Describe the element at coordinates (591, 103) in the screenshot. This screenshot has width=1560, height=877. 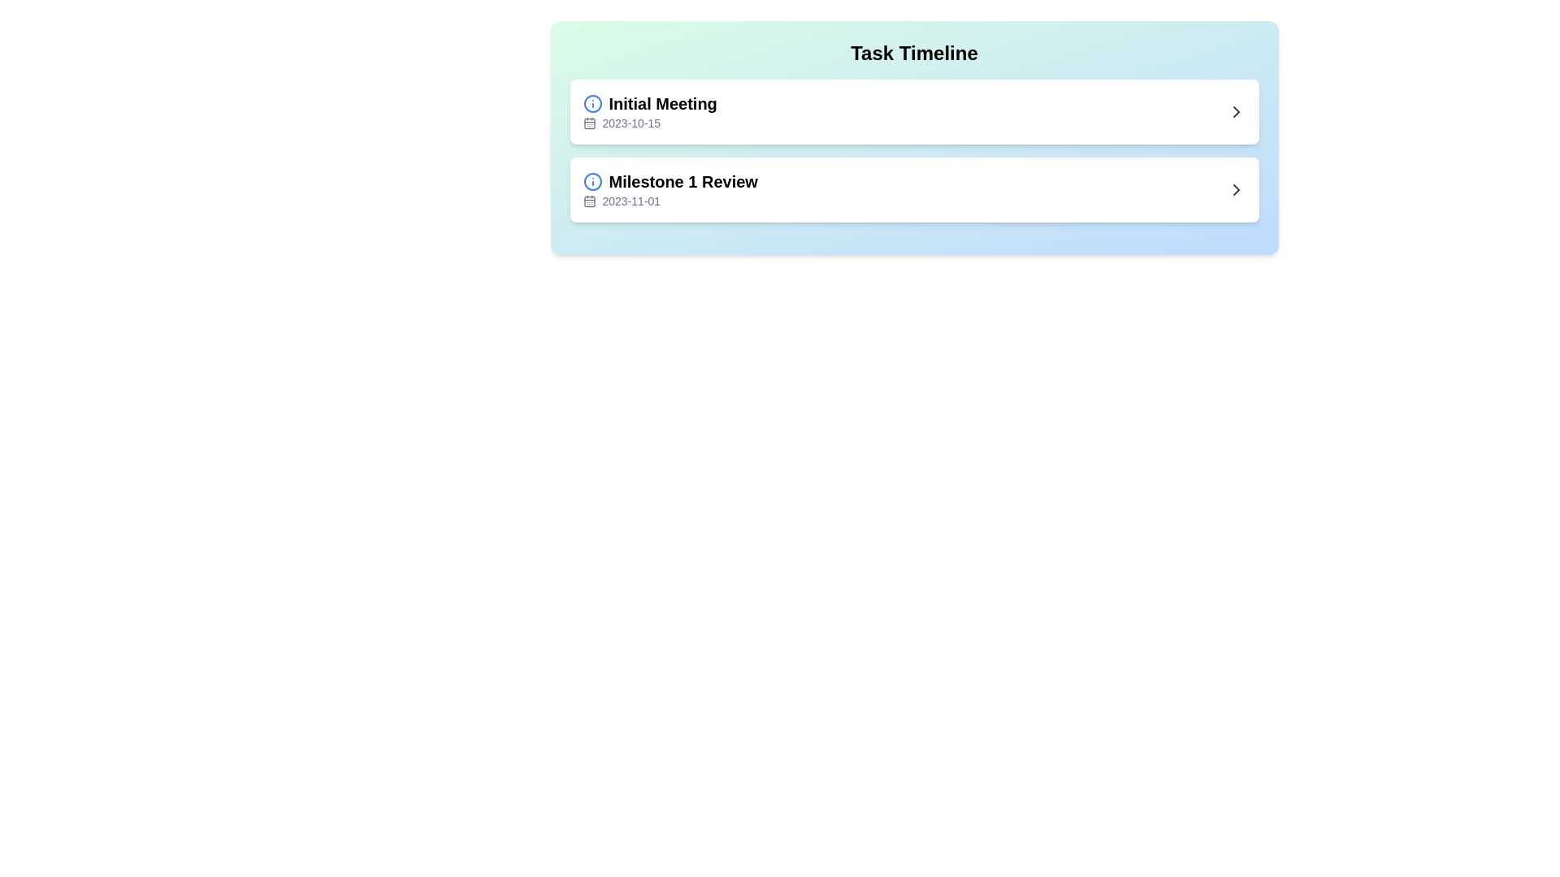
I see `the circular outline of the SVG icon that resembles an 'info' button located adjacent to the text 'Milestone 1 Review'` at that location.